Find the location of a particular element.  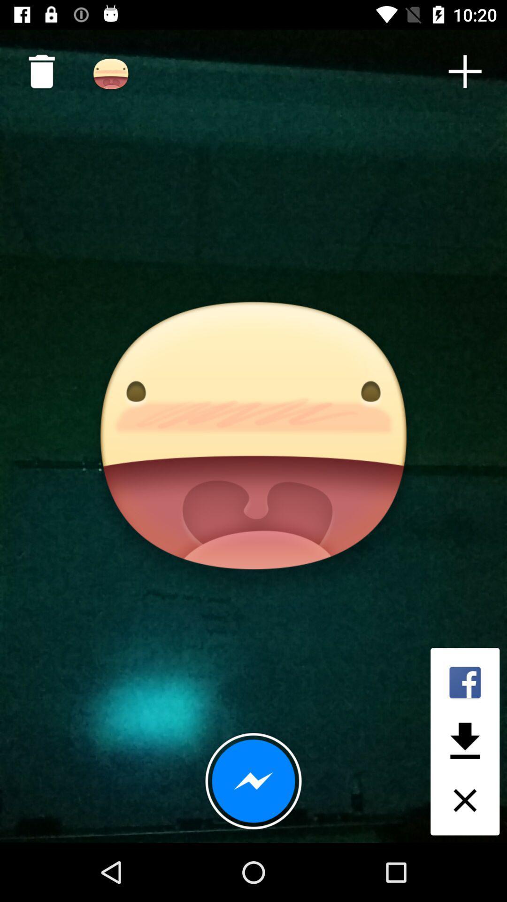

the add icon is located at coordinates (465, 71).